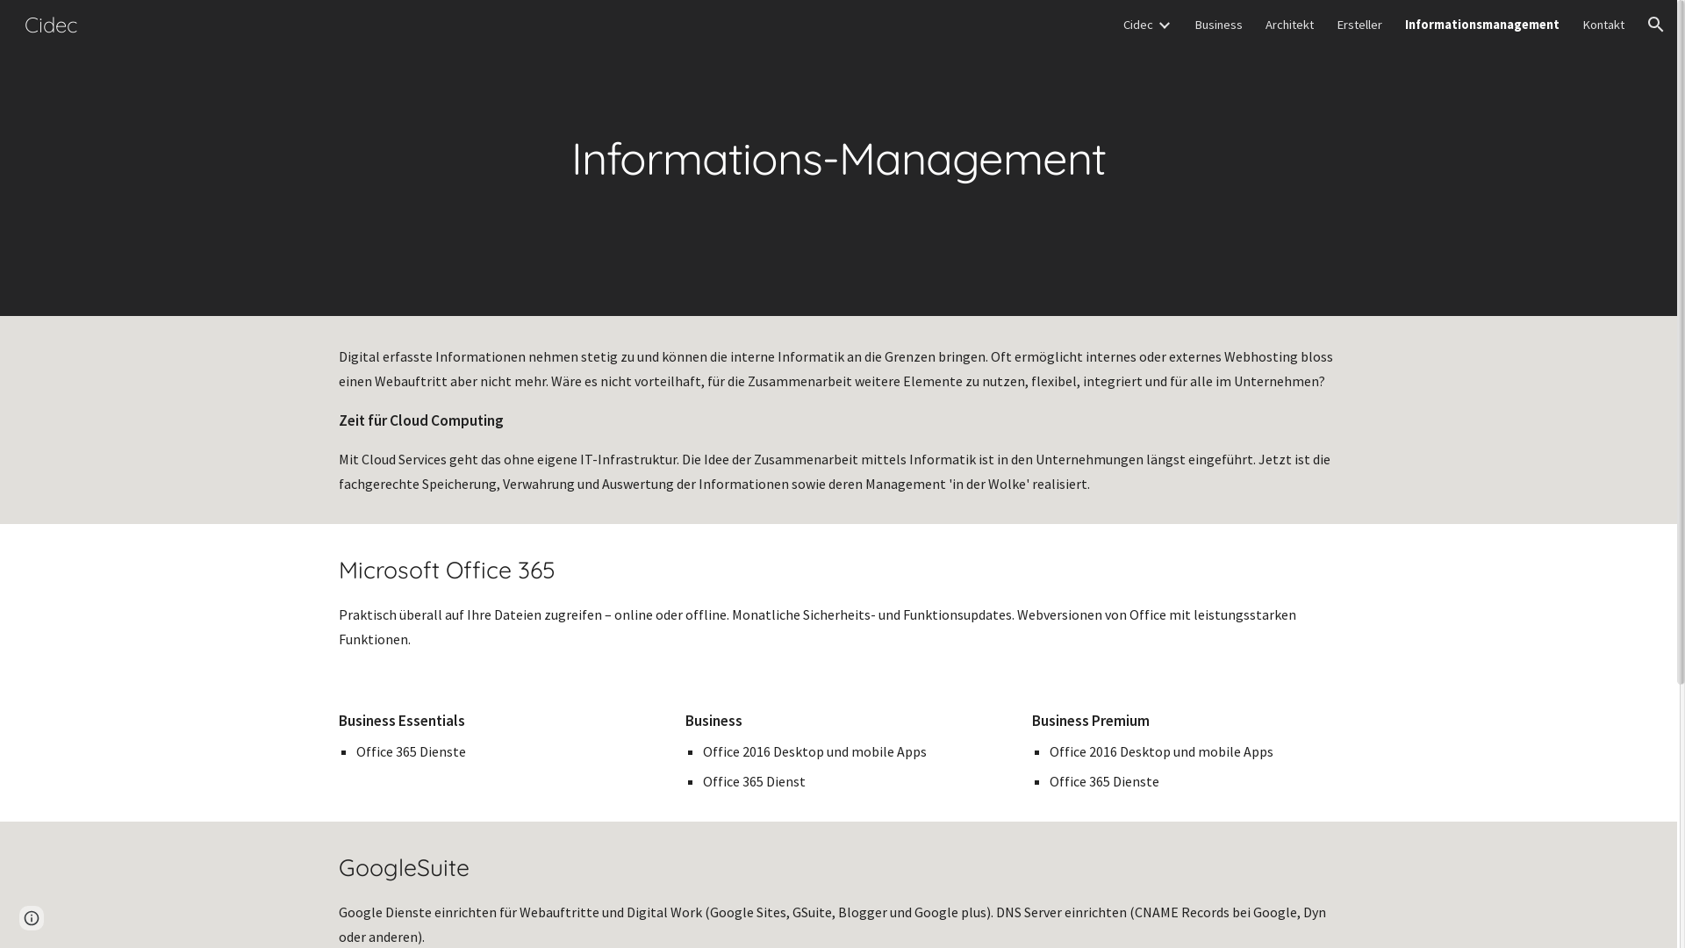  I want to click on 'Kontakt', so click(1603, 24).